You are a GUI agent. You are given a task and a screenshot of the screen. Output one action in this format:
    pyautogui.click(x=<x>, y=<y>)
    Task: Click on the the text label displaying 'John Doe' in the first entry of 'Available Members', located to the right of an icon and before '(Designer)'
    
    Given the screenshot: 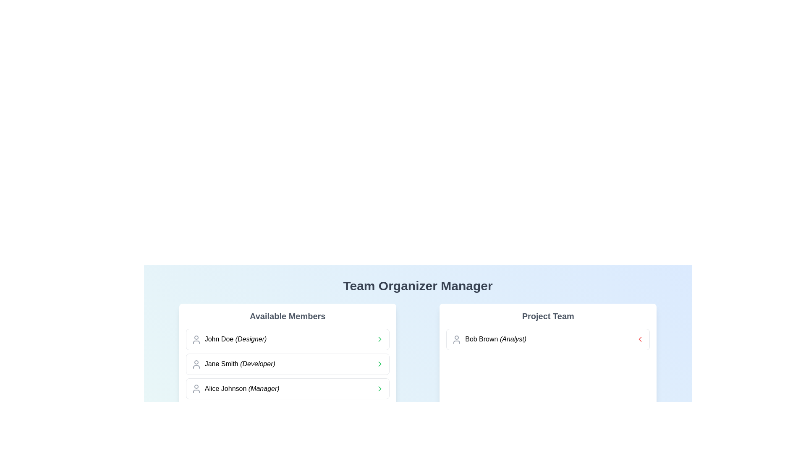 What is the action you would take?
    pyautogui.click(x=219, y=338)
    